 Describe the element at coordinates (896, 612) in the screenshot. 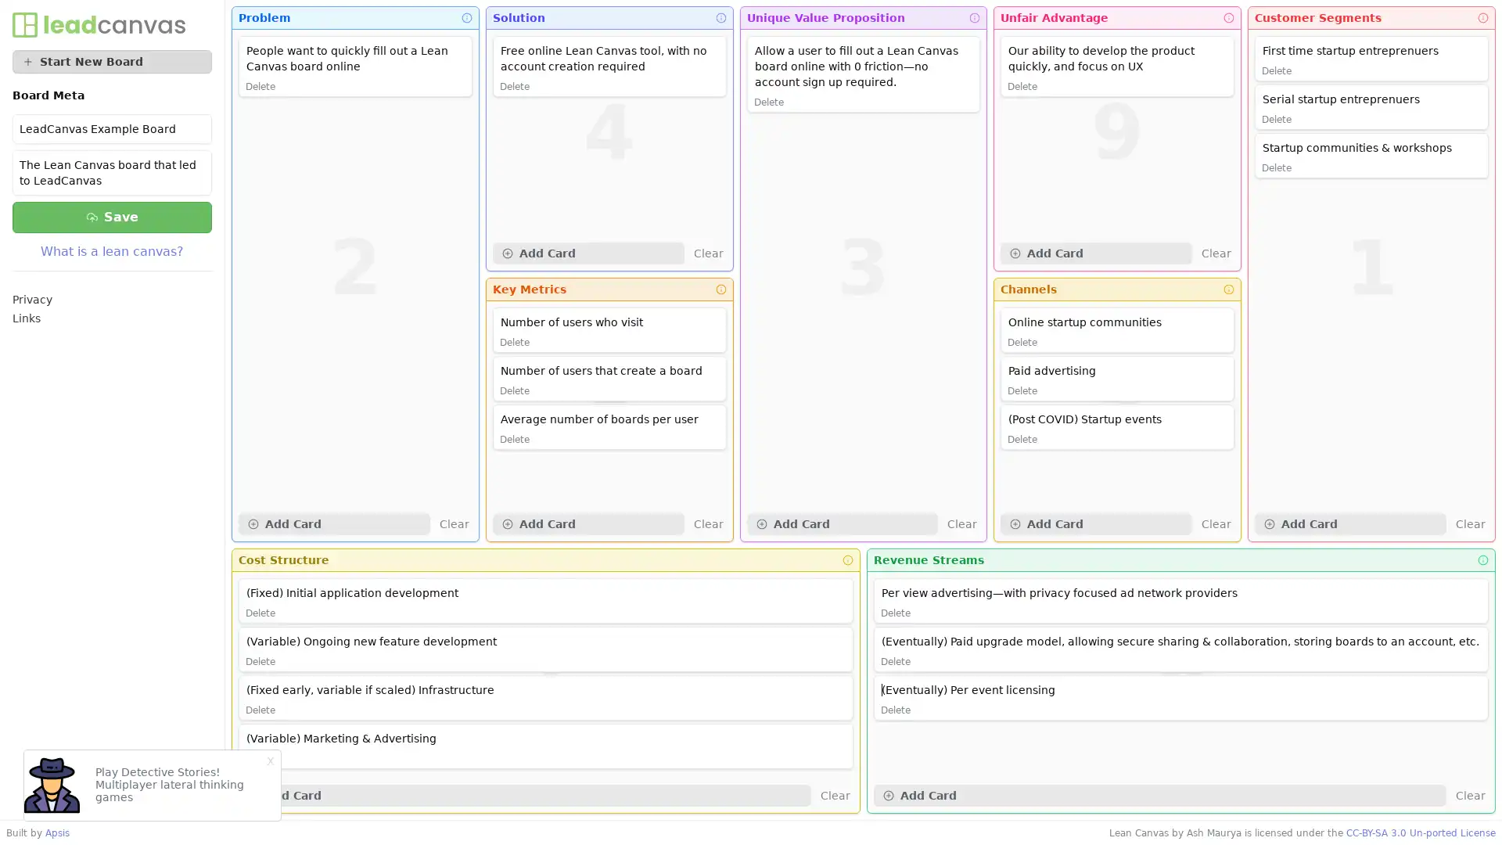

I see `Delete` at that location.